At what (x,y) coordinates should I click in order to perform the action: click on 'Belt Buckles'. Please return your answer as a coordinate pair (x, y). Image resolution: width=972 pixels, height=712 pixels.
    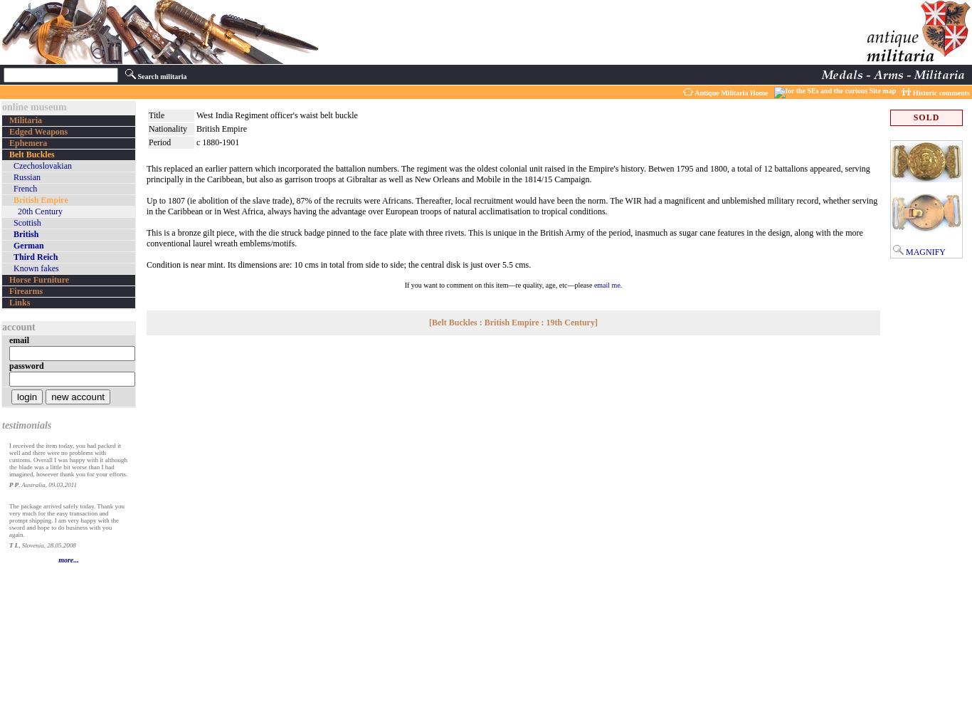
    Looking at the image, I should click on (31, 154).